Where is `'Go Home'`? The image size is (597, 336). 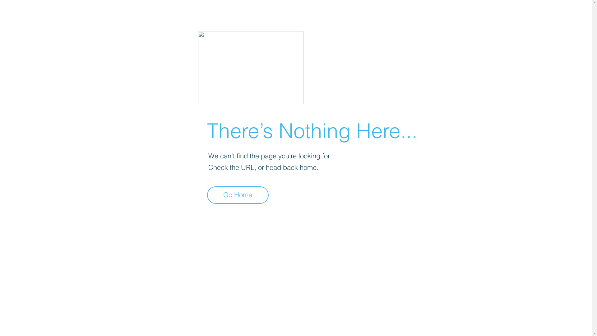
'Go Home' is located at coordinates (207, 195).